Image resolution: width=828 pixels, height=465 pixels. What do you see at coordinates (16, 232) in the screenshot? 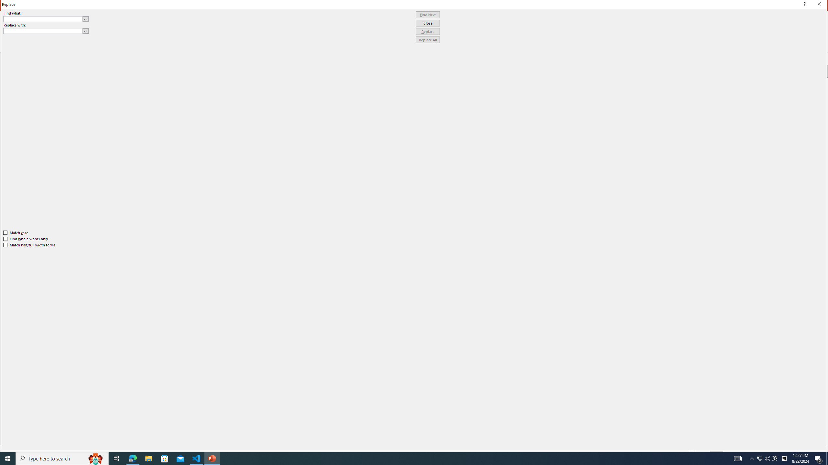
I see `'Match case'` at bounding box center [16, 232].